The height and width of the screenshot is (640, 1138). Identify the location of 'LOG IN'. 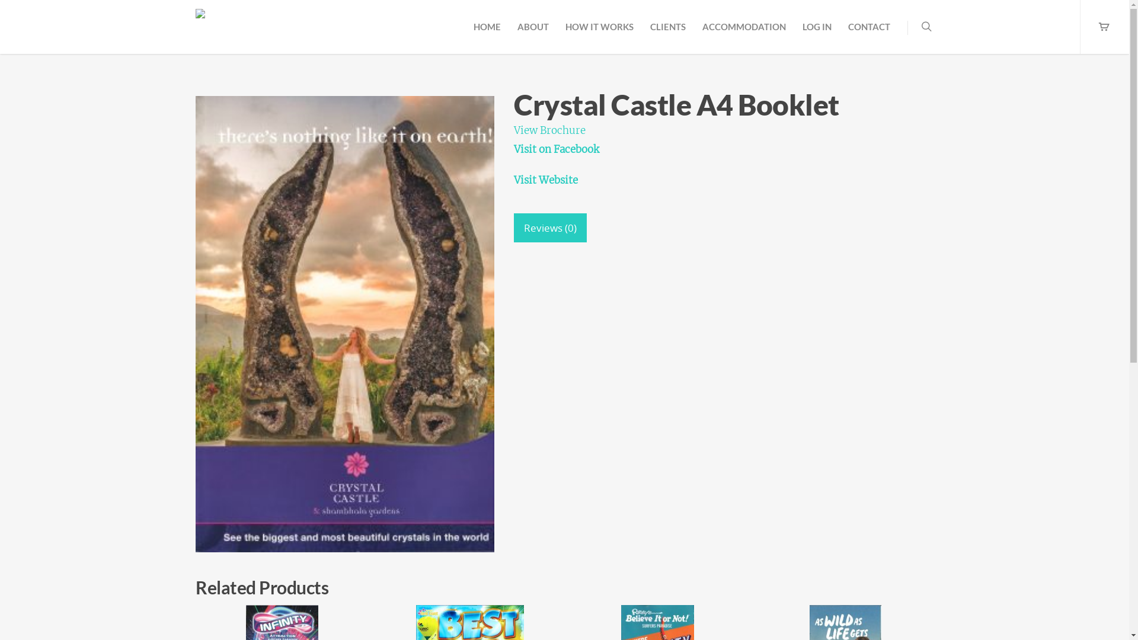
(816, 31).